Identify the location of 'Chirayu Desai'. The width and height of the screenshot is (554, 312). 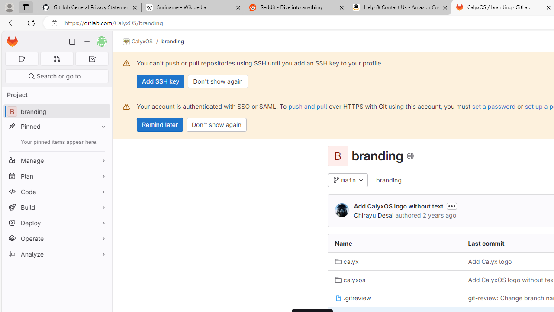
(341, 211).